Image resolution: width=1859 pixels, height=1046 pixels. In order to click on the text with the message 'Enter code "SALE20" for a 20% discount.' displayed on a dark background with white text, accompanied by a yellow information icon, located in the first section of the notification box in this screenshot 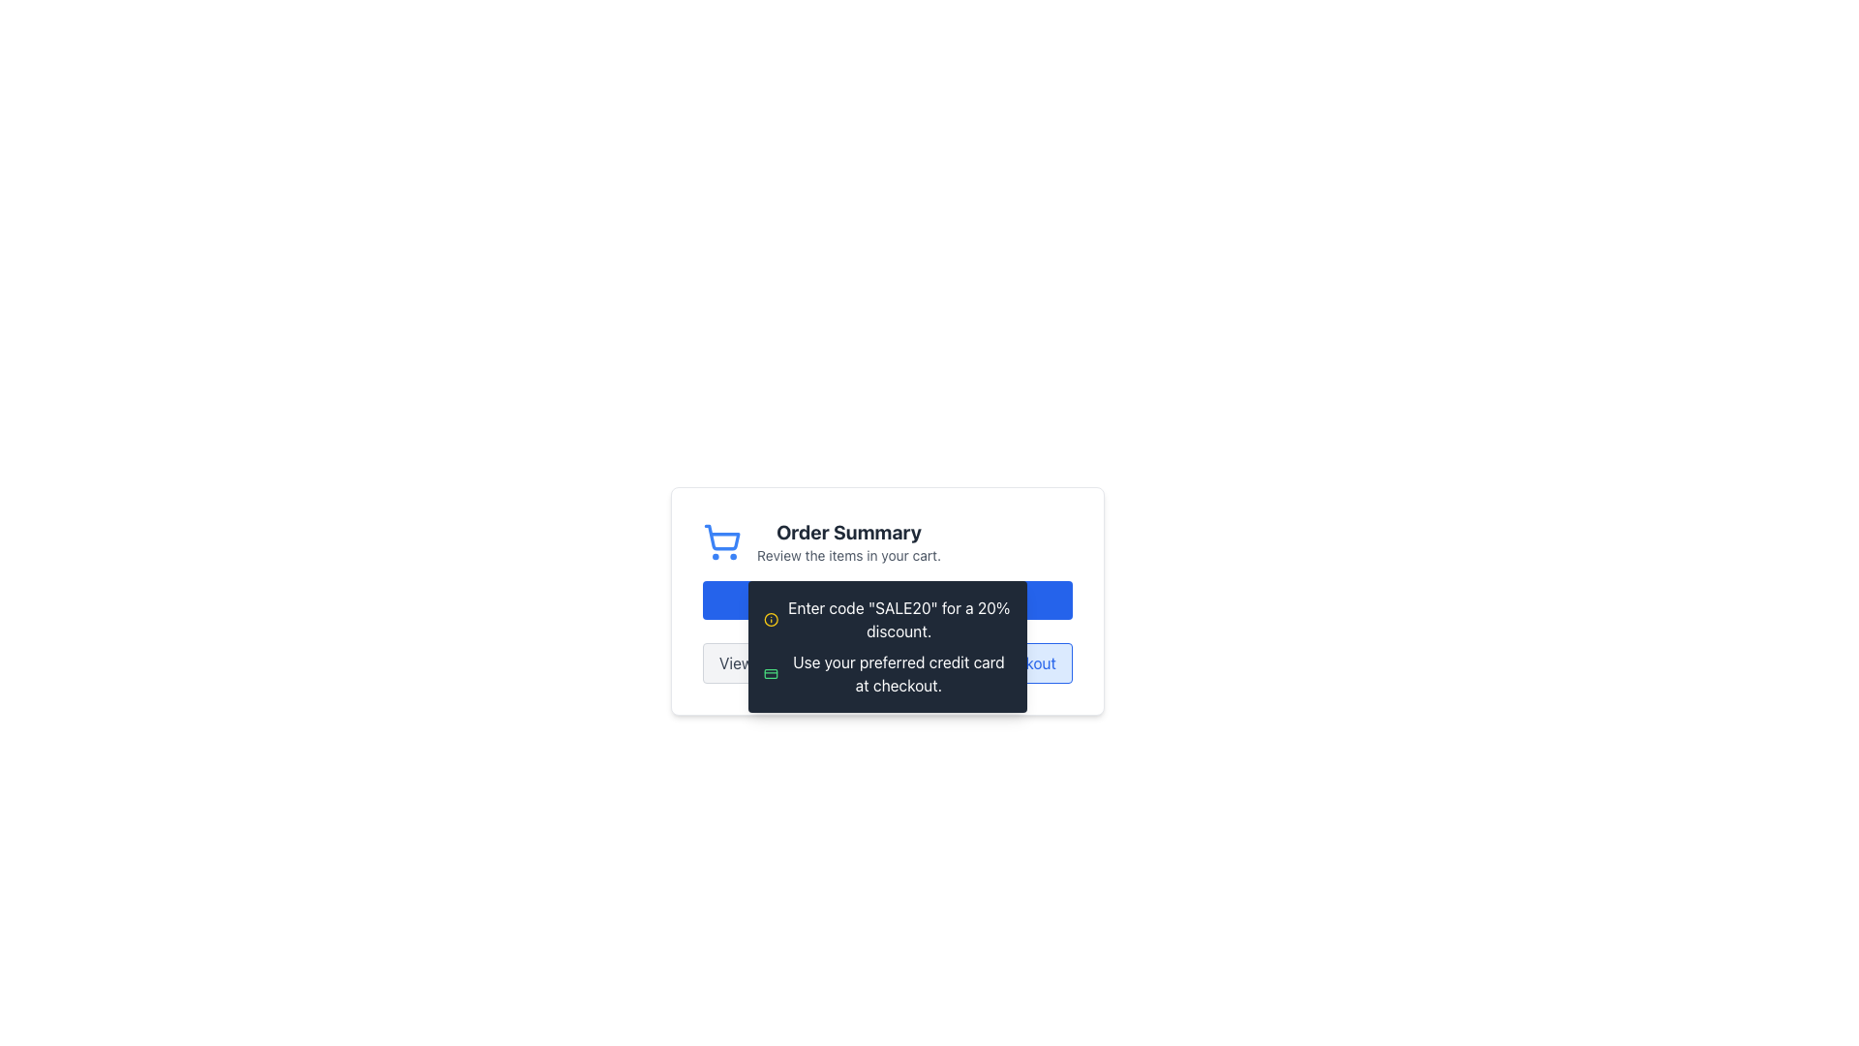, I will do `click(886, 620)`.